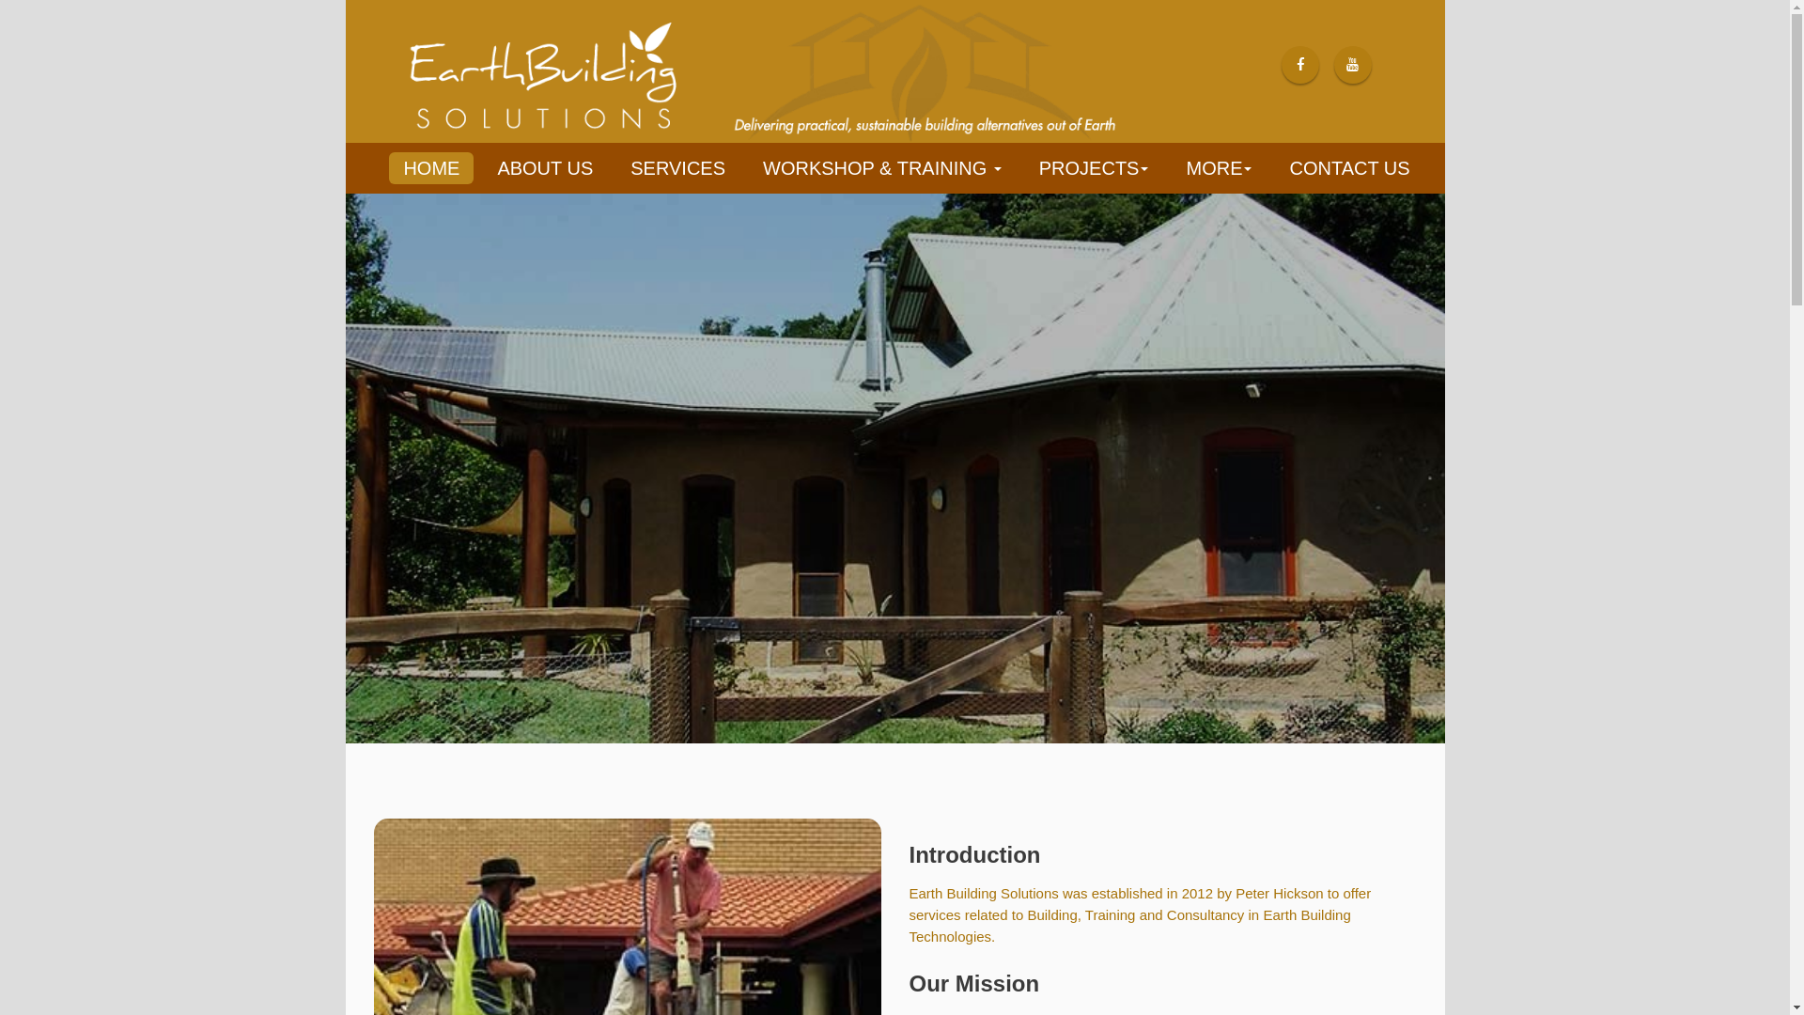 The width and height of the screenshot is (1804, 1015). I want to click on 'Youtube', so click(1345, 63).